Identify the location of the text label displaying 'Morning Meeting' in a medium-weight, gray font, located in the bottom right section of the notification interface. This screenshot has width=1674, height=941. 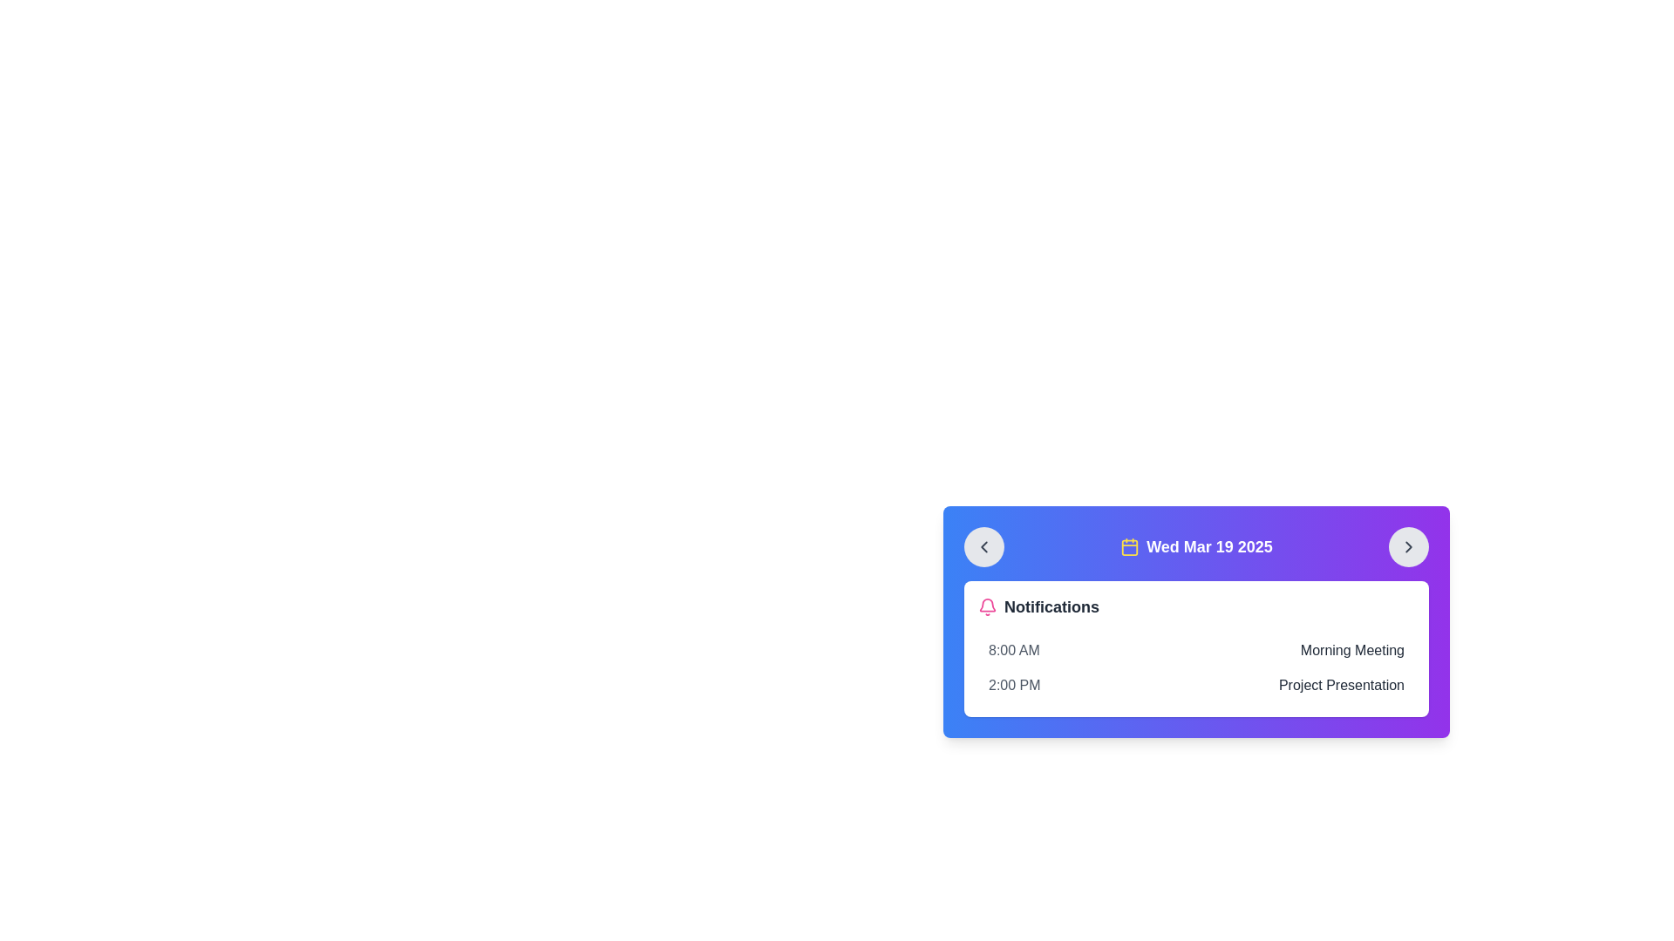
(1351, 651).